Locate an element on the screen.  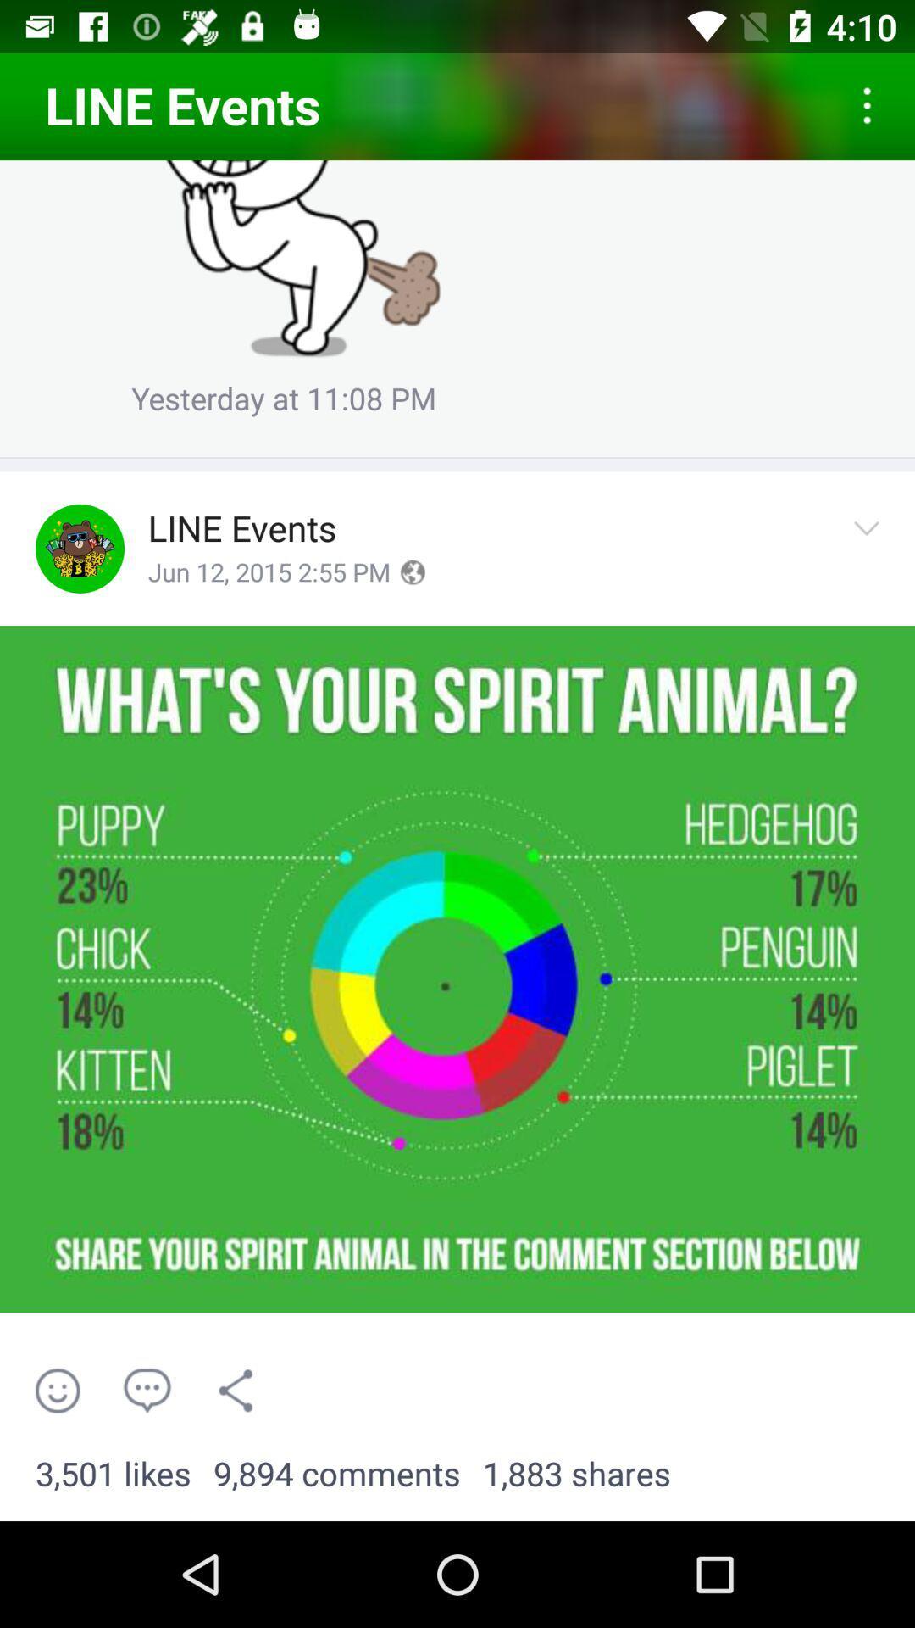
item below the line events item is located at coordinates (268, 573).